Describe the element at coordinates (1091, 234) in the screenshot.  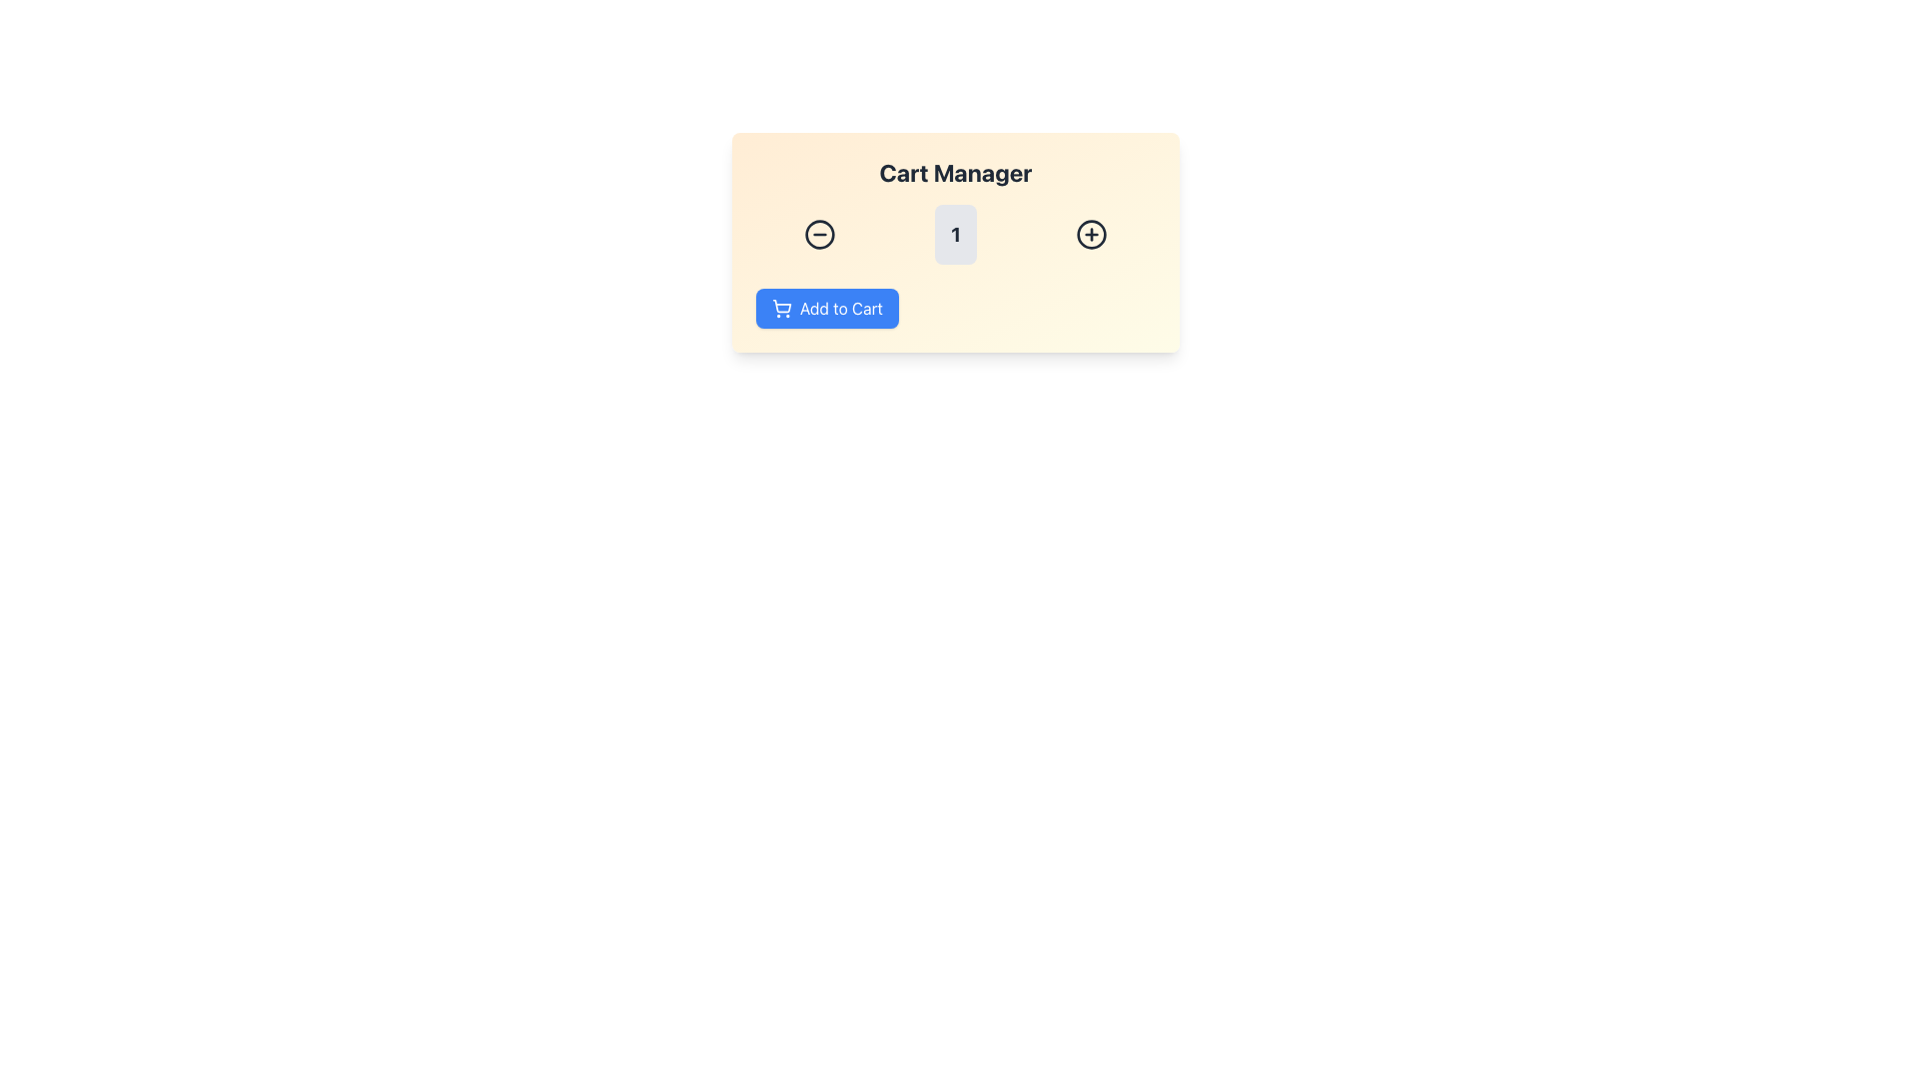
I see `the circular button with a plus (+) icon located in the rightmost portion of a horizontal layout to increment` at that location.